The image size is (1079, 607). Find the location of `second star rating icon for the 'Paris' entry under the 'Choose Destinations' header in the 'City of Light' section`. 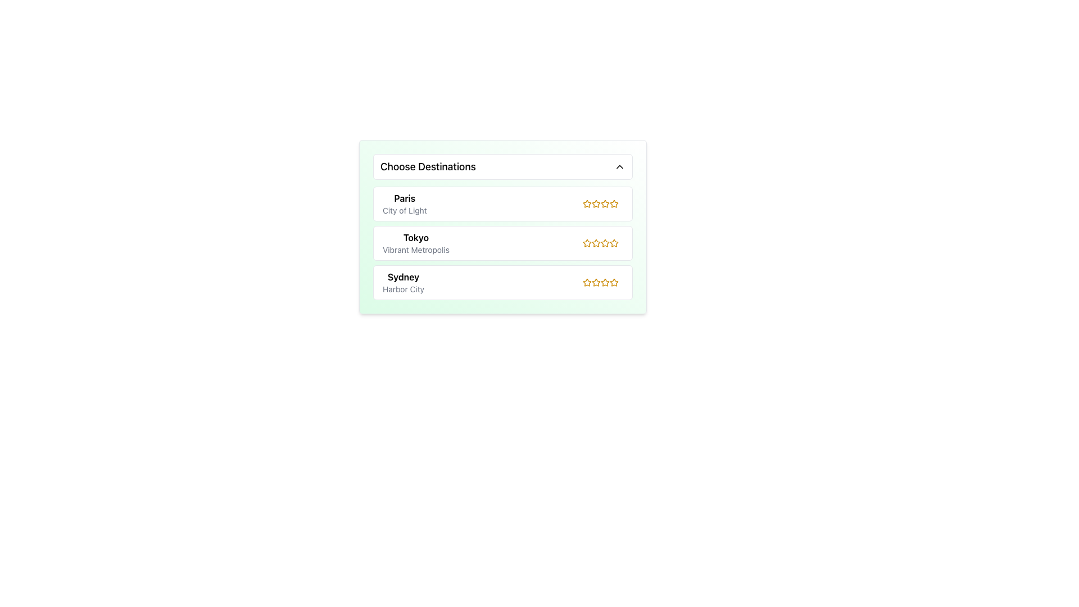

second star rating icon for the 'Paris' entry under the 'Choose Destinations' header in the 'City of Light' section is located at coordinates (595, 203).